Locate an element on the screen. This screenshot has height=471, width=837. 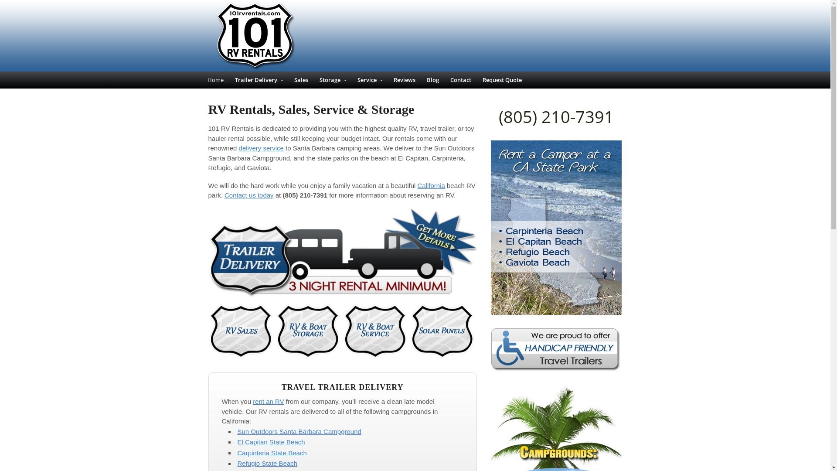
'Sales' is located at coordinates (301, 80).